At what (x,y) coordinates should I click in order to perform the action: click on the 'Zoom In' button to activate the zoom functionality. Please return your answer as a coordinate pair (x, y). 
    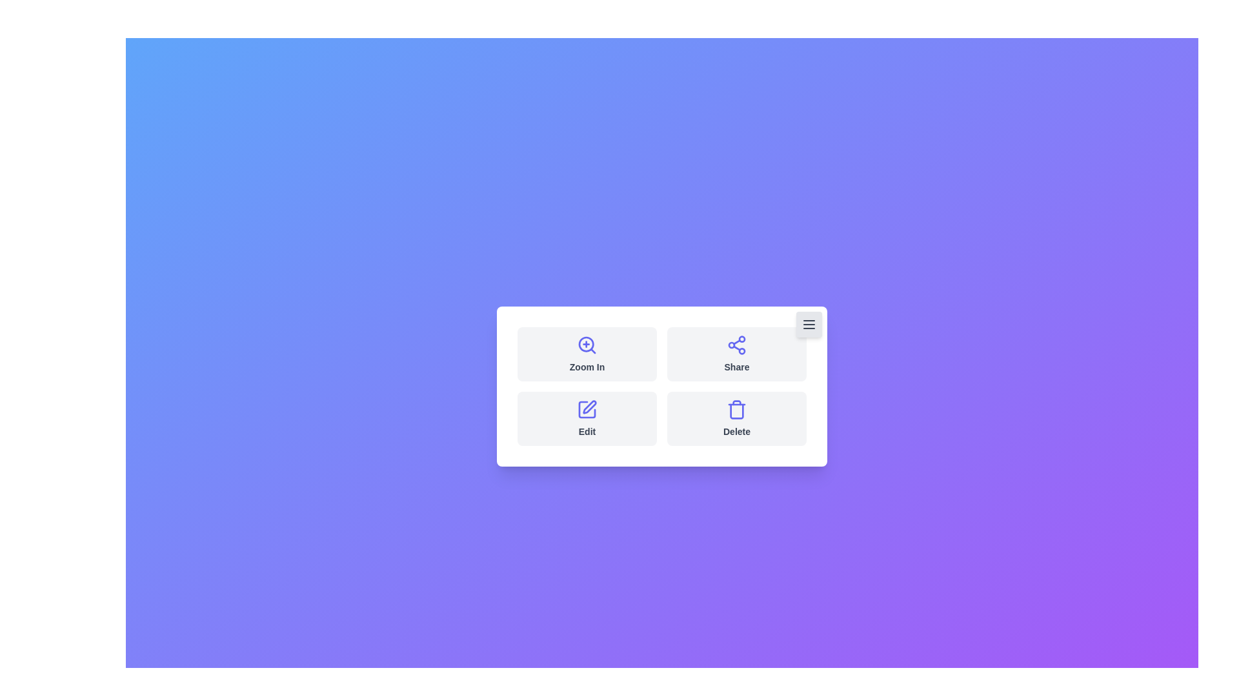
    Looking at the image, I should click on (587, 354).